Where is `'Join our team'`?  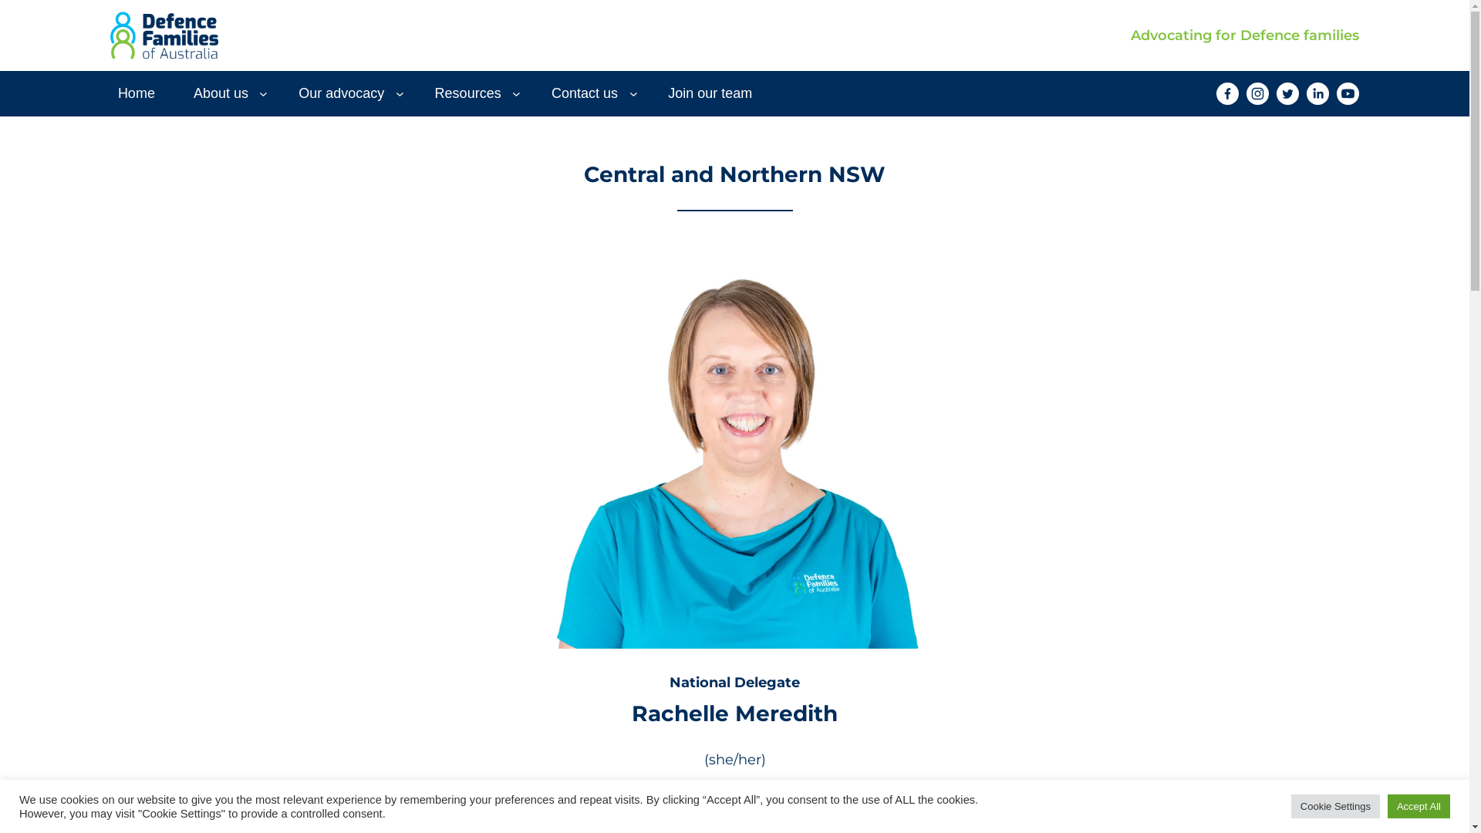
'Join our team' is located at coordinates (709, 93).